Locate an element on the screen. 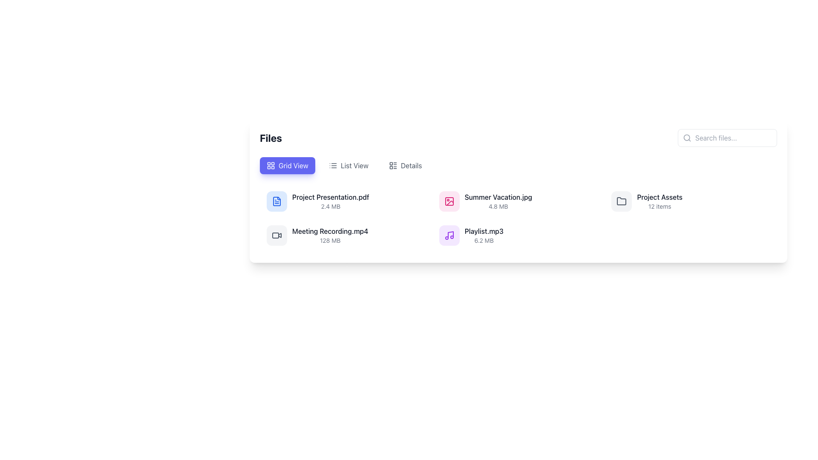 The image size is (818, 460). the music icon with a purple outline, consisting of a musical note and circular elements, located near the bottom right of the 'Playlist.mp3' entry is located at coordinates (449, 235).